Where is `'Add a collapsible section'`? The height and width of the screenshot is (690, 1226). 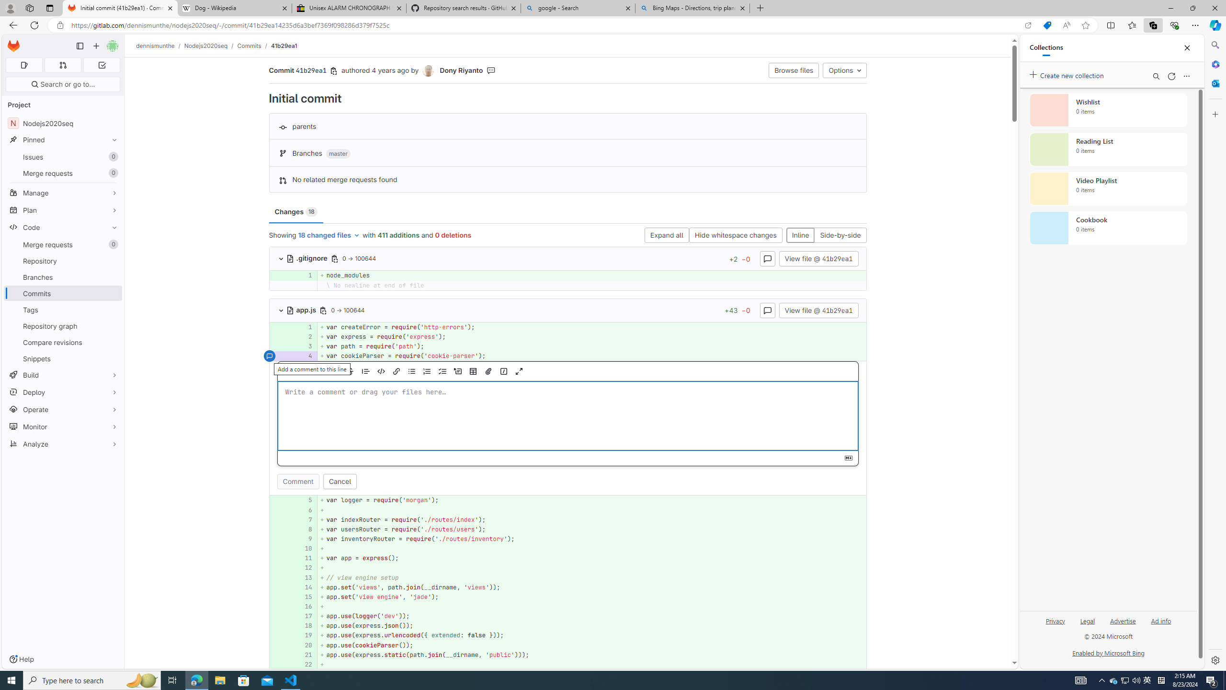
'Add a collapsible section' is located at coordinates (457, 371).